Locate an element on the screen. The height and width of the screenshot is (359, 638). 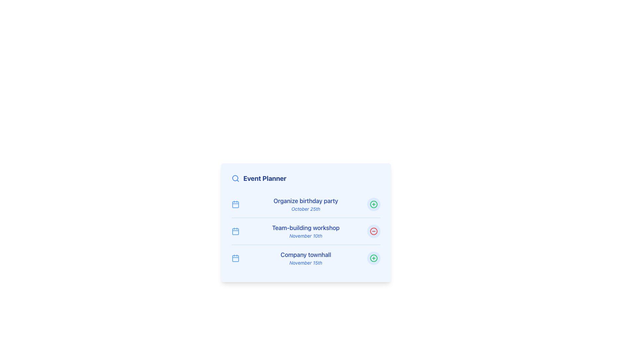
event information from the third item in the 'Event Planner' list, located below 'Organize birthday party' and 'Team-building workshop' is located at coordinates (305, 258).